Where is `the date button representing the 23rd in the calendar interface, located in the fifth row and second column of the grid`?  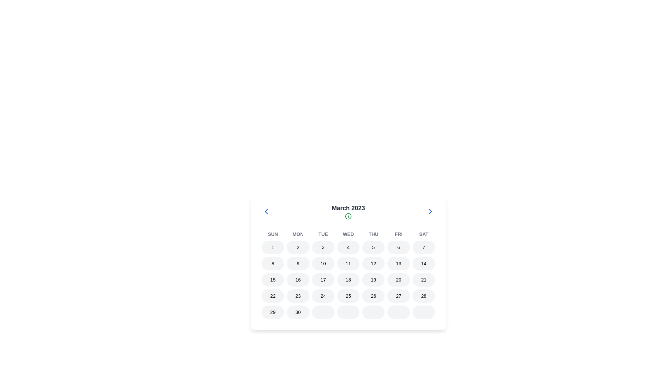
the date button representing the 23rd in the calendar interface, located in the fifth row and second column of the grid is located at coordinates (298, 295).